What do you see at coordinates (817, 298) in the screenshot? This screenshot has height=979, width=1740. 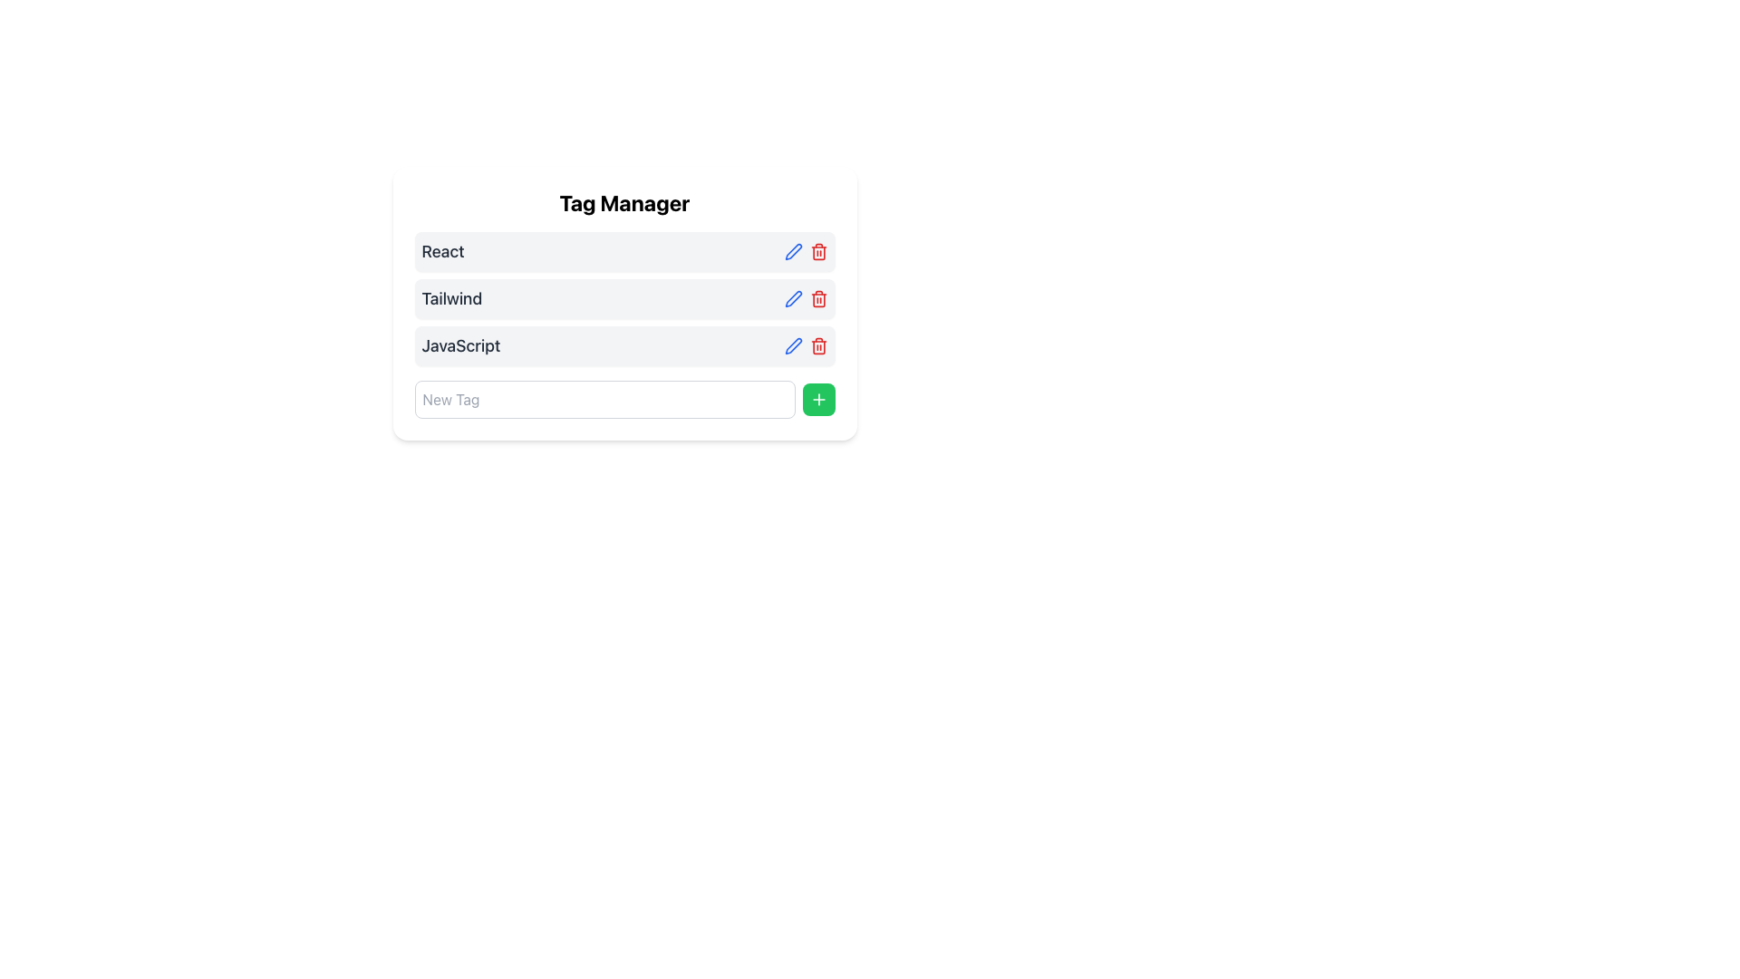 I see `the red trash bin icon button, which is located in the second row, adjacent to the blue pencil icon` at bounding box center [817, 298].